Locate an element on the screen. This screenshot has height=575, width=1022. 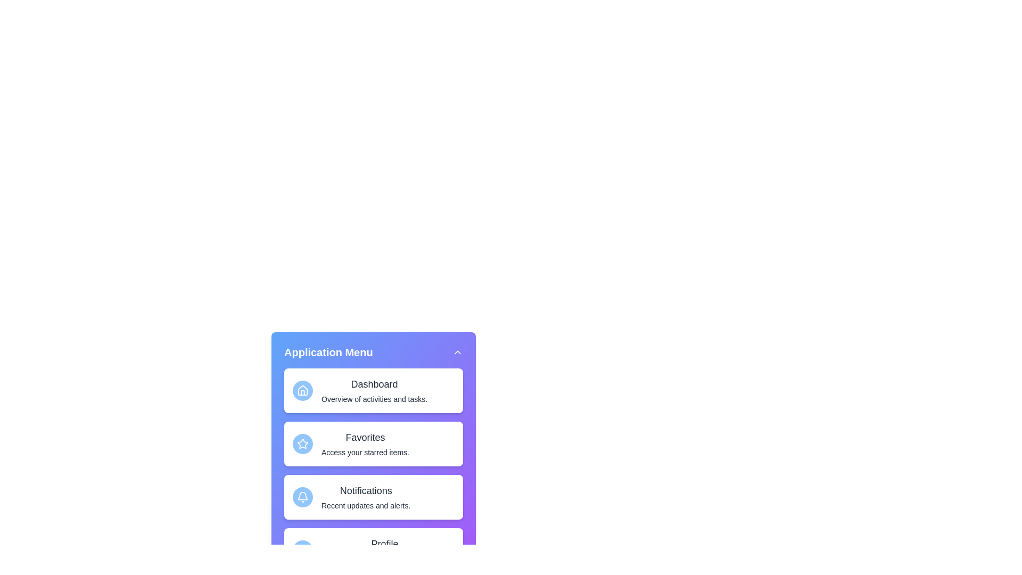
the menu item Dashboard from the sidebar menu is located at coordinates (373, 390).